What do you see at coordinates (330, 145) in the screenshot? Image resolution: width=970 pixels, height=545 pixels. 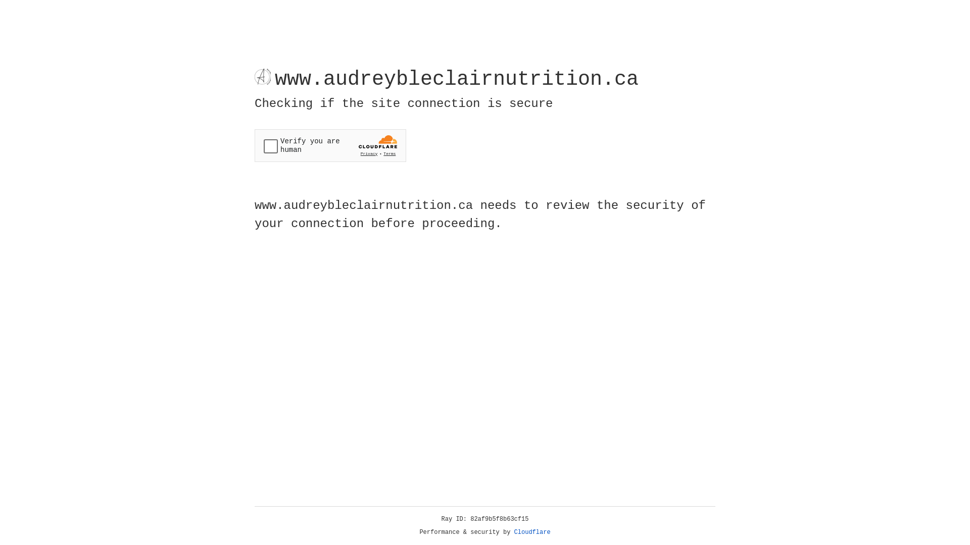 I see `'Widget containing a Cloudflare security challenge'` at bounding box center [330, 145].